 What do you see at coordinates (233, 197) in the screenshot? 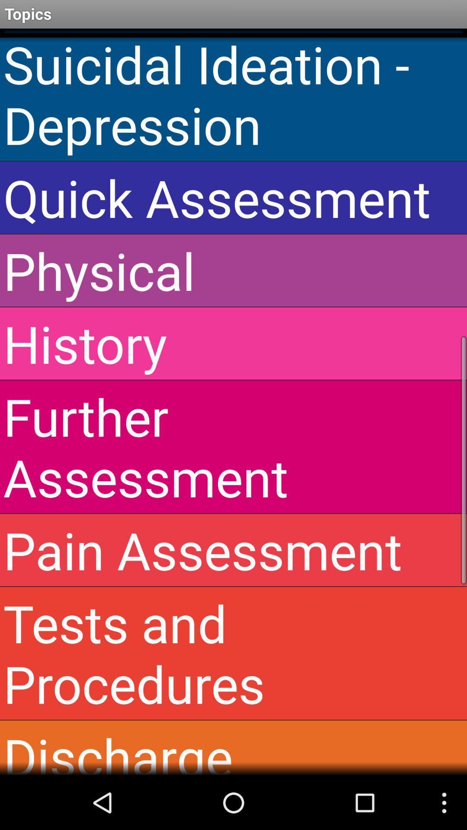
I see `quick assessment icon` at bounding box center [233, 197].